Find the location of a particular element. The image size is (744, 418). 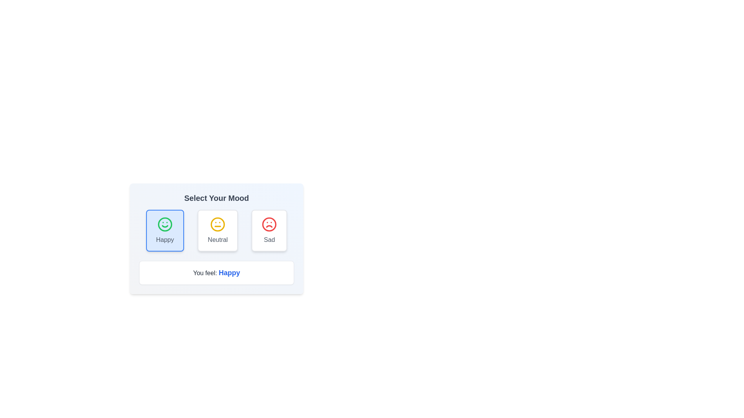

the selectable mood option labeled 'Neutral' for accessibility navigation is located at coordinates (217, 230).